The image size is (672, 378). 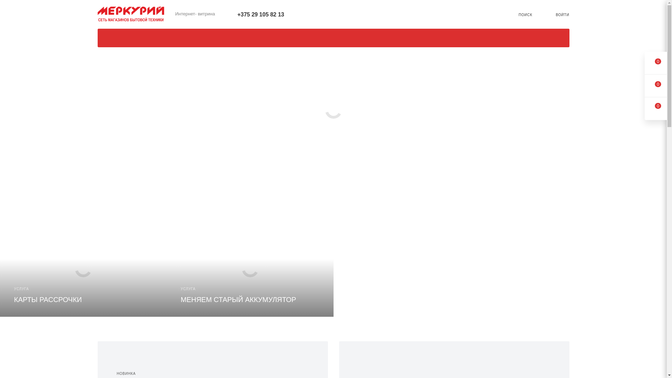 I want to click on '+375 29 105 82 13', so click(x=260, y=14).